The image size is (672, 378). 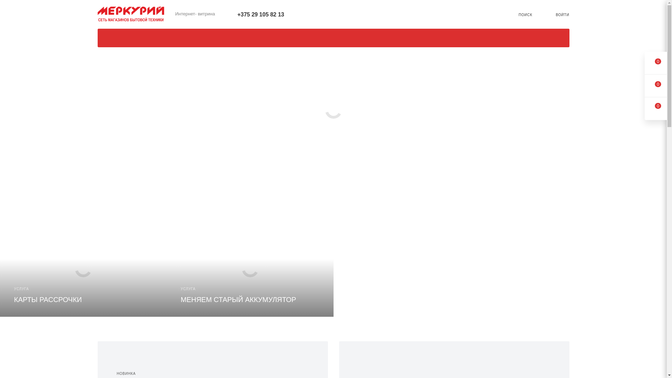 I want to click on '+375 29 105 82 13', so click(x=260, y=14).